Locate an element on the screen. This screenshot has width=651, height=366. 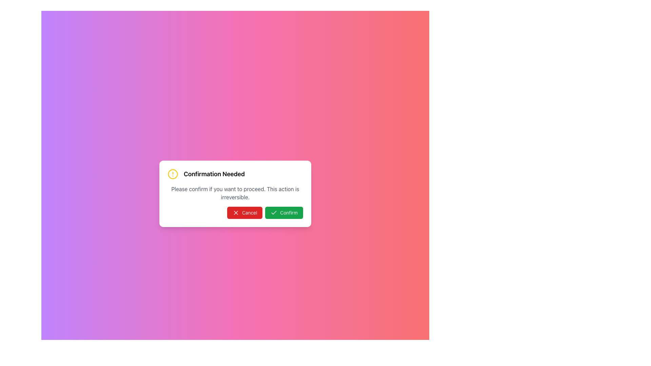
the confirmation icon located to the left of the 'Confirm' text in the confirmation dialog box is located at coordinates (274, 212).